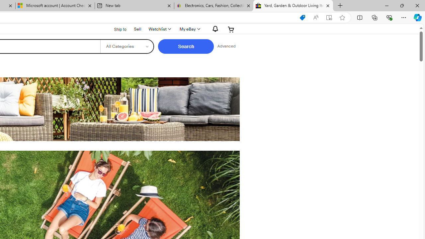 The width and height of the screenshot is (425, 239). Describe the element at coordinates (231, 29) in the screenshot. I see `'Expand Cart'` at that location.